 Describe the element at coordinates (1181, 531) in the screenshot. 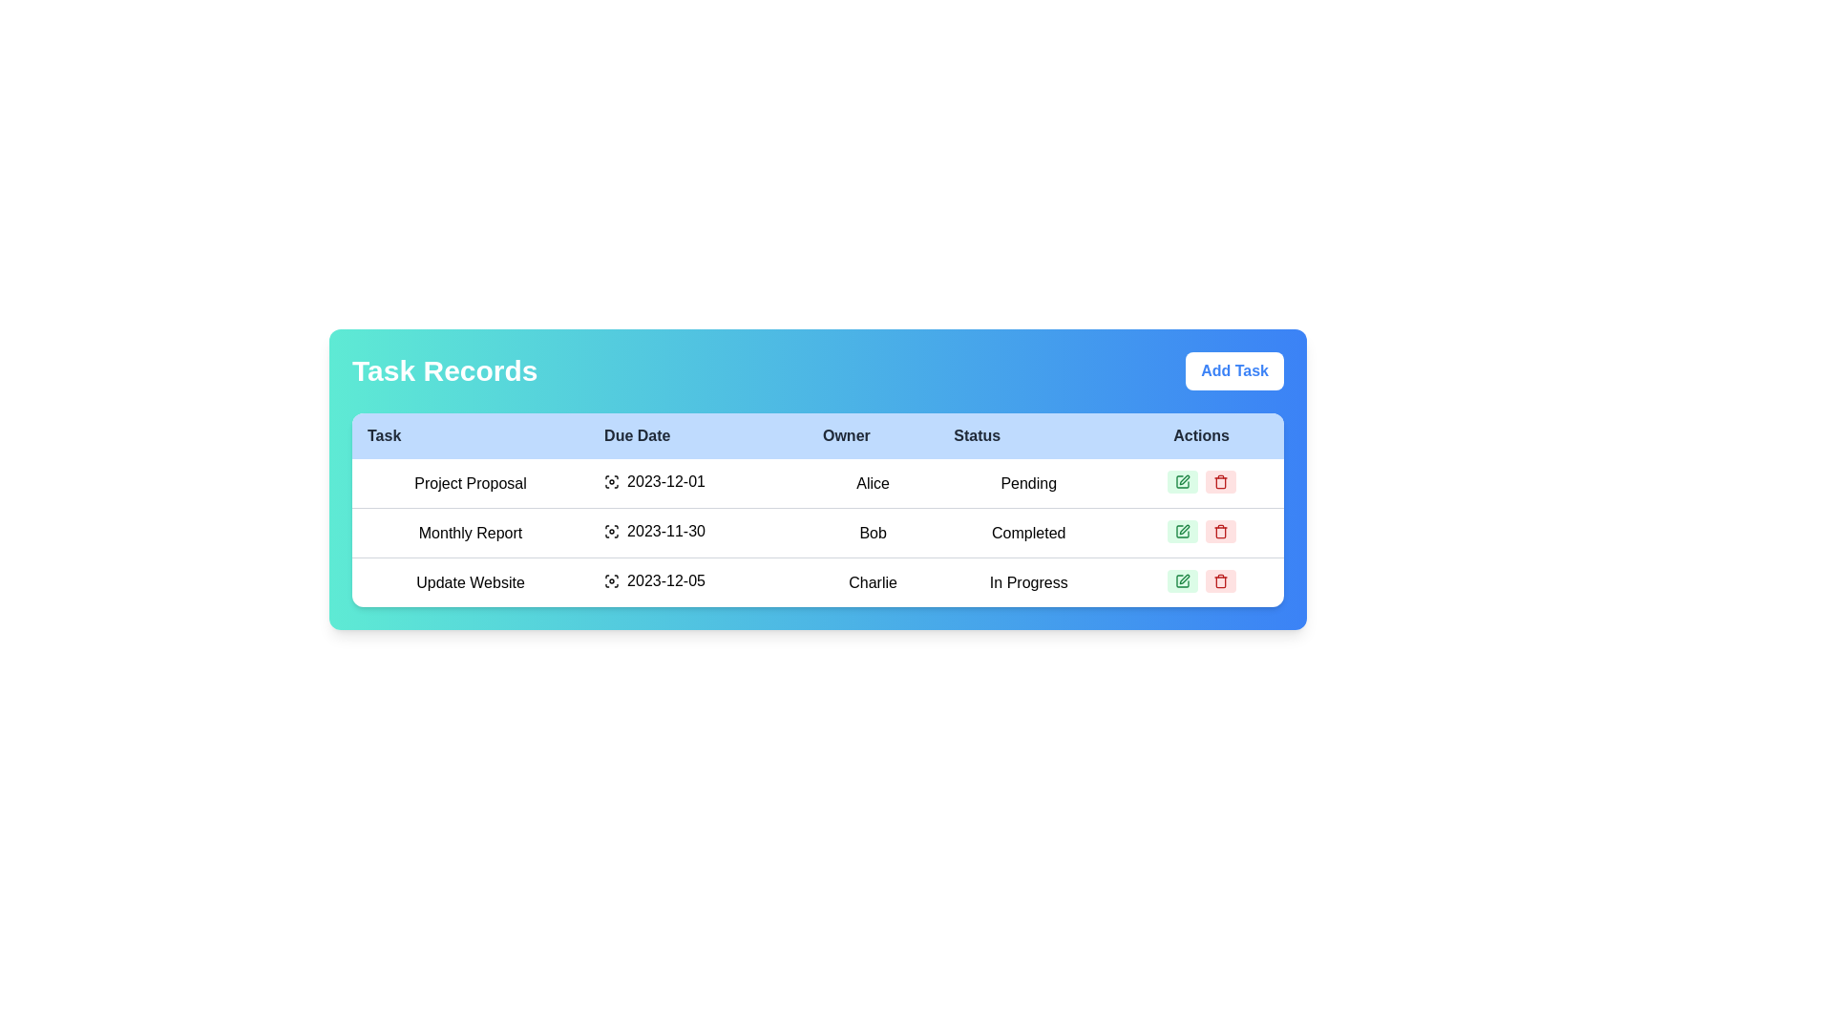

I see `the green square icon with a pen symbol located in the 'Actions' column of the third row, next to the red trash bin icon` at that location.